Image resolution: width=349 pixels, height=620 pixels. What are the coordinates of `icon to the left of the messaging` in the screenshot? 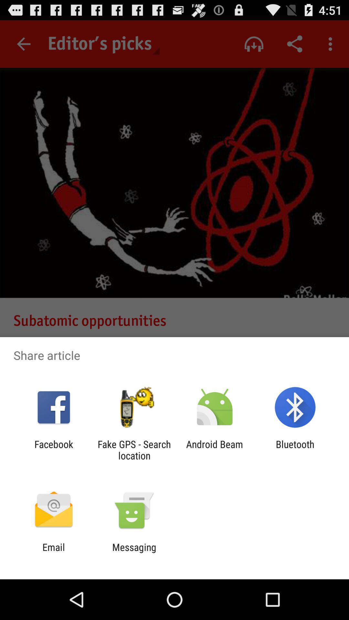 It's located at (53, 553).